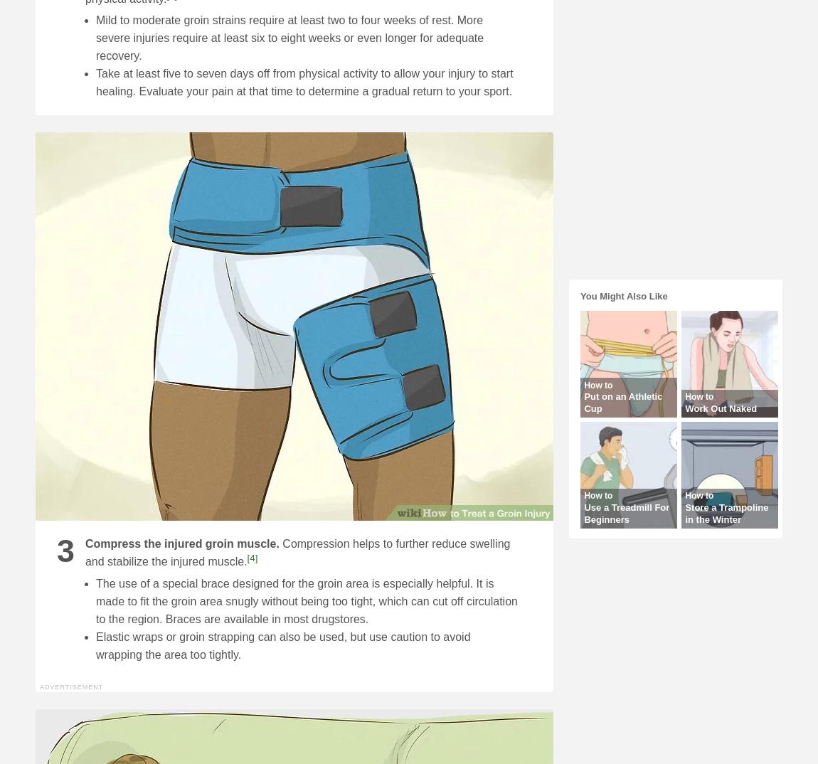  Describe the element at coordinates (307, 600) in the screenshot. I see `'The use of a special brace designed for the groin area is especially helpful. It is made to fit the groin area snugly without being too tight, which can cut off circulation to the region. Braces are available in most drugstores.'` at that location.